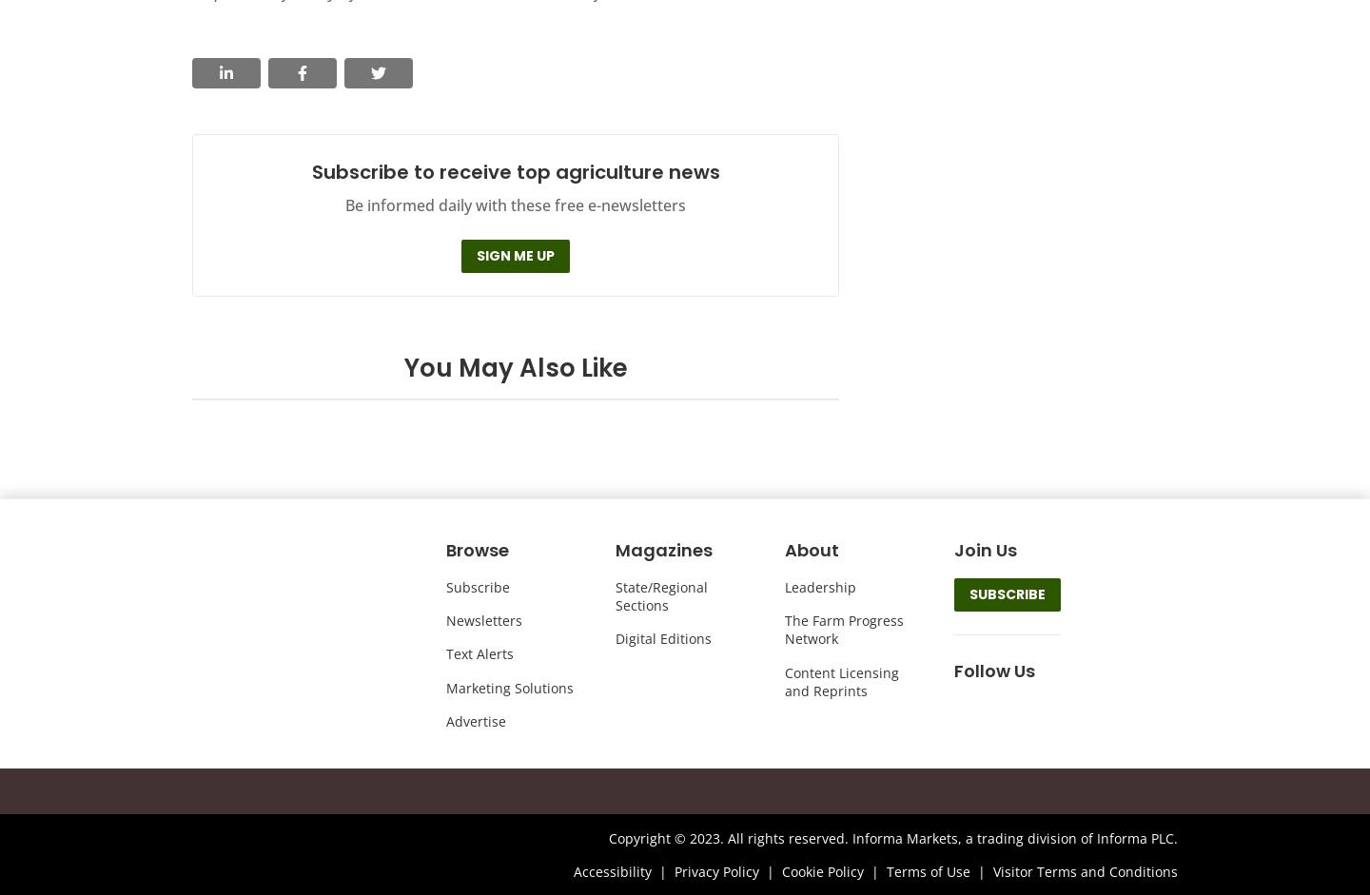  What do you see at coordinates (784, 548) in the screenshot?
I see `'About'` at bounding box center [784, 548].